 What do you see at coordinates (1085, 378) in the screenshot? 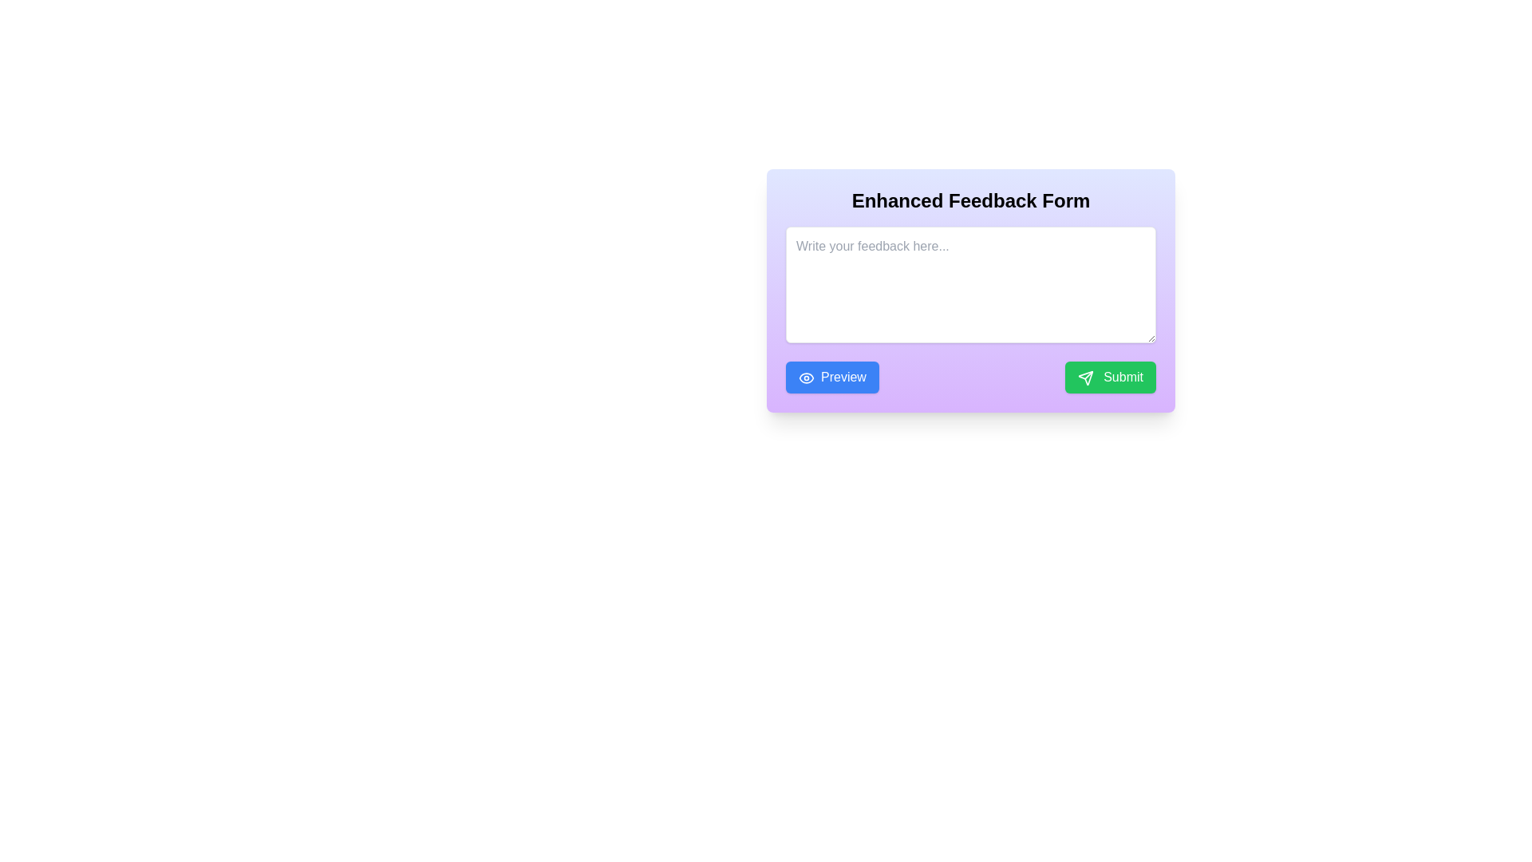
I see `the green rectangular button labeled 'Submit' located at the bottom right of the interface` at bounding box center [1085, 378].